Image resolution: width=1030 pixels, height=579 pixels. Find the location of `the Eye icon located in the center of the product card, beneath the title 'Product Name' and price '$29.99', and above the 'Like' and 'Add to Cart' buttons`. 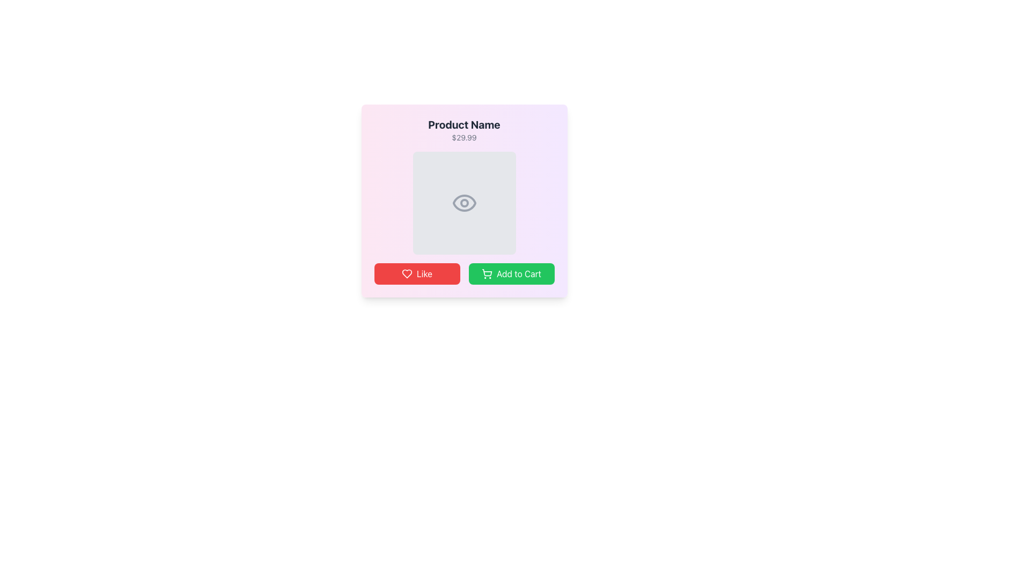

the Eye icon located in the center of the product card, beneath the title 'Product Name' and price '$29.99', and above the 'Like' and 'Add to Cart' buttons is located at coordinates (464, 203).